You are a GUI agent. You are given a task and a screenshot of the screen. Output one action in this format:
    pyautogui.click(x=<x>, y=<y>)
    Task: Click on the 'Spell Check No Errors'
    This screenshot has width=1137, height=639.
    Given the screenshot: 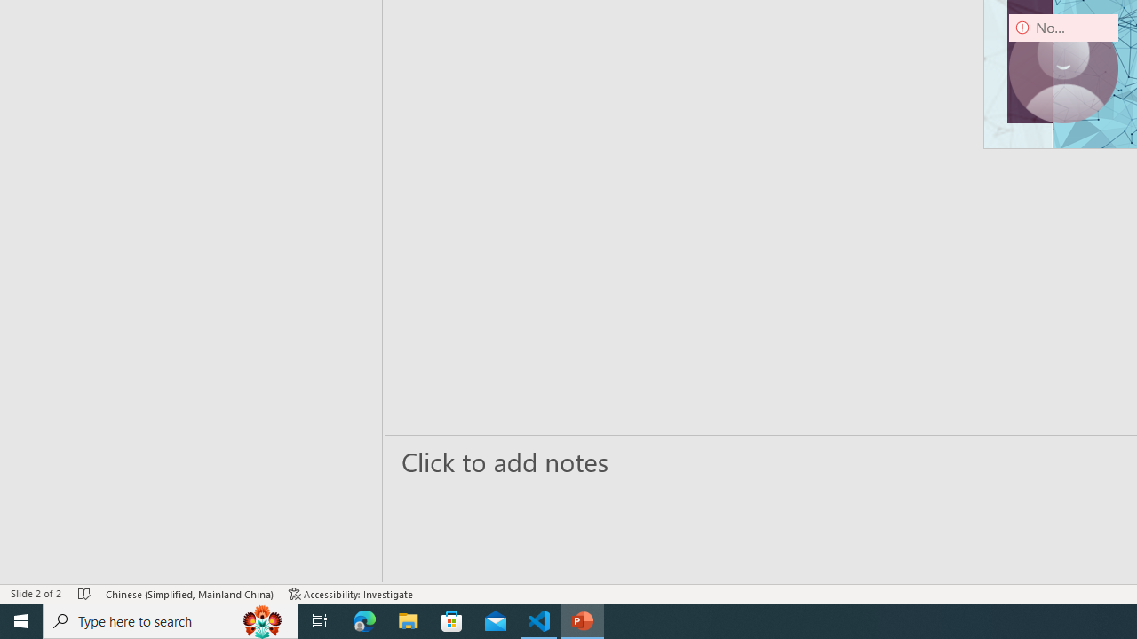 What is the action you would take?
    pyautogui.click(x=84, y=594)
    